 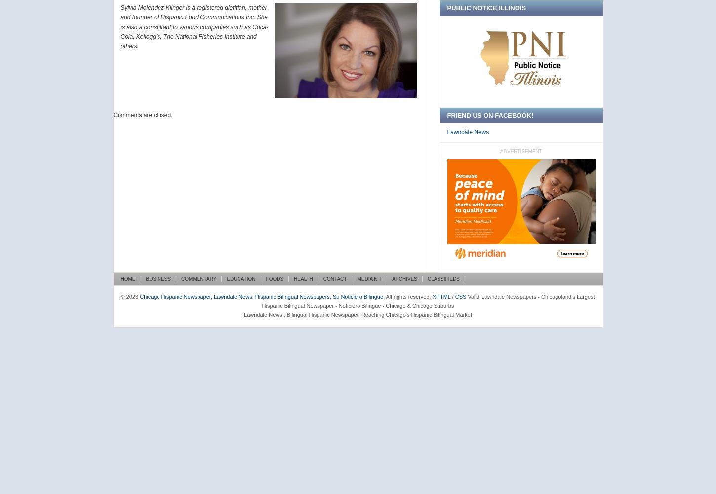 I want to click on 'XHTML', so click(x=440, y=296).